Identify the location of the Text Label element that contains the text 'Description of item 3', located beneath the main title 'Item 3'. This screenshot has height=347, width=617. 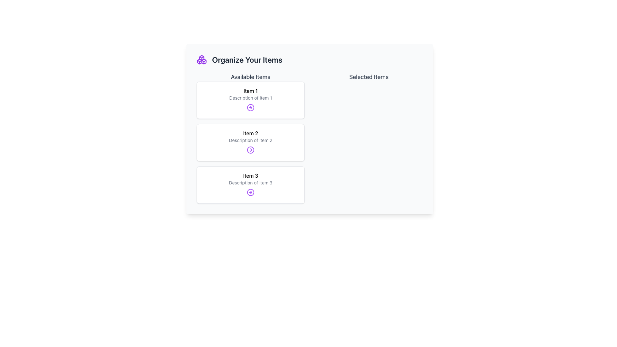
(250, 183).